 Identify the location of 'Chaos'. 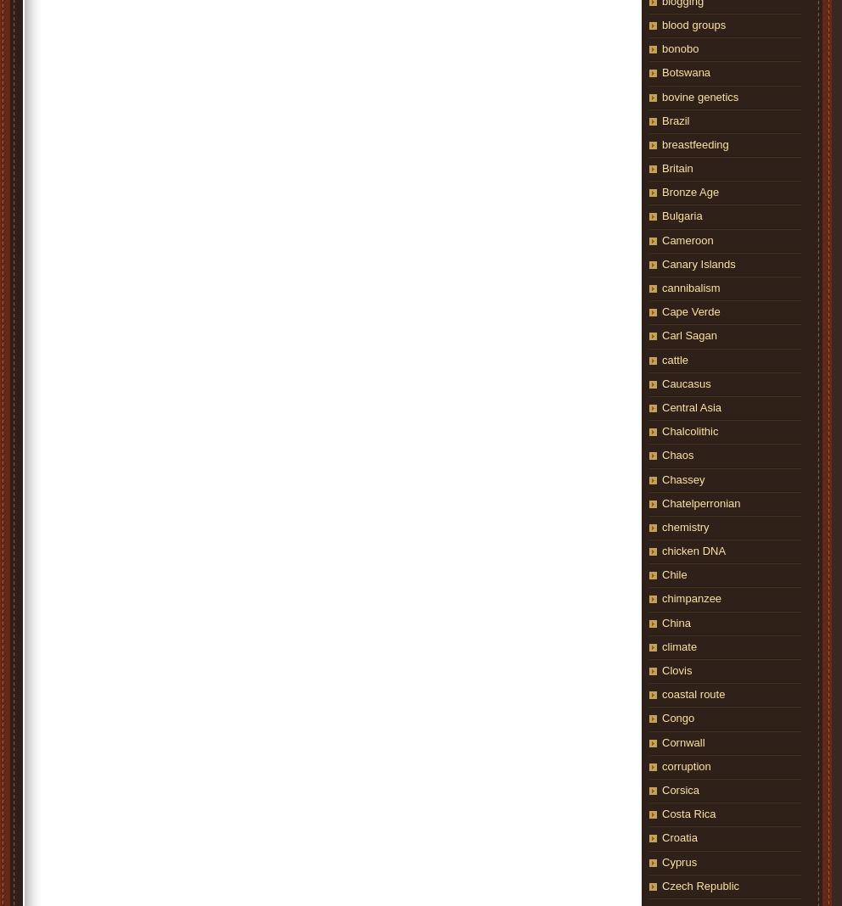
(677, 454).